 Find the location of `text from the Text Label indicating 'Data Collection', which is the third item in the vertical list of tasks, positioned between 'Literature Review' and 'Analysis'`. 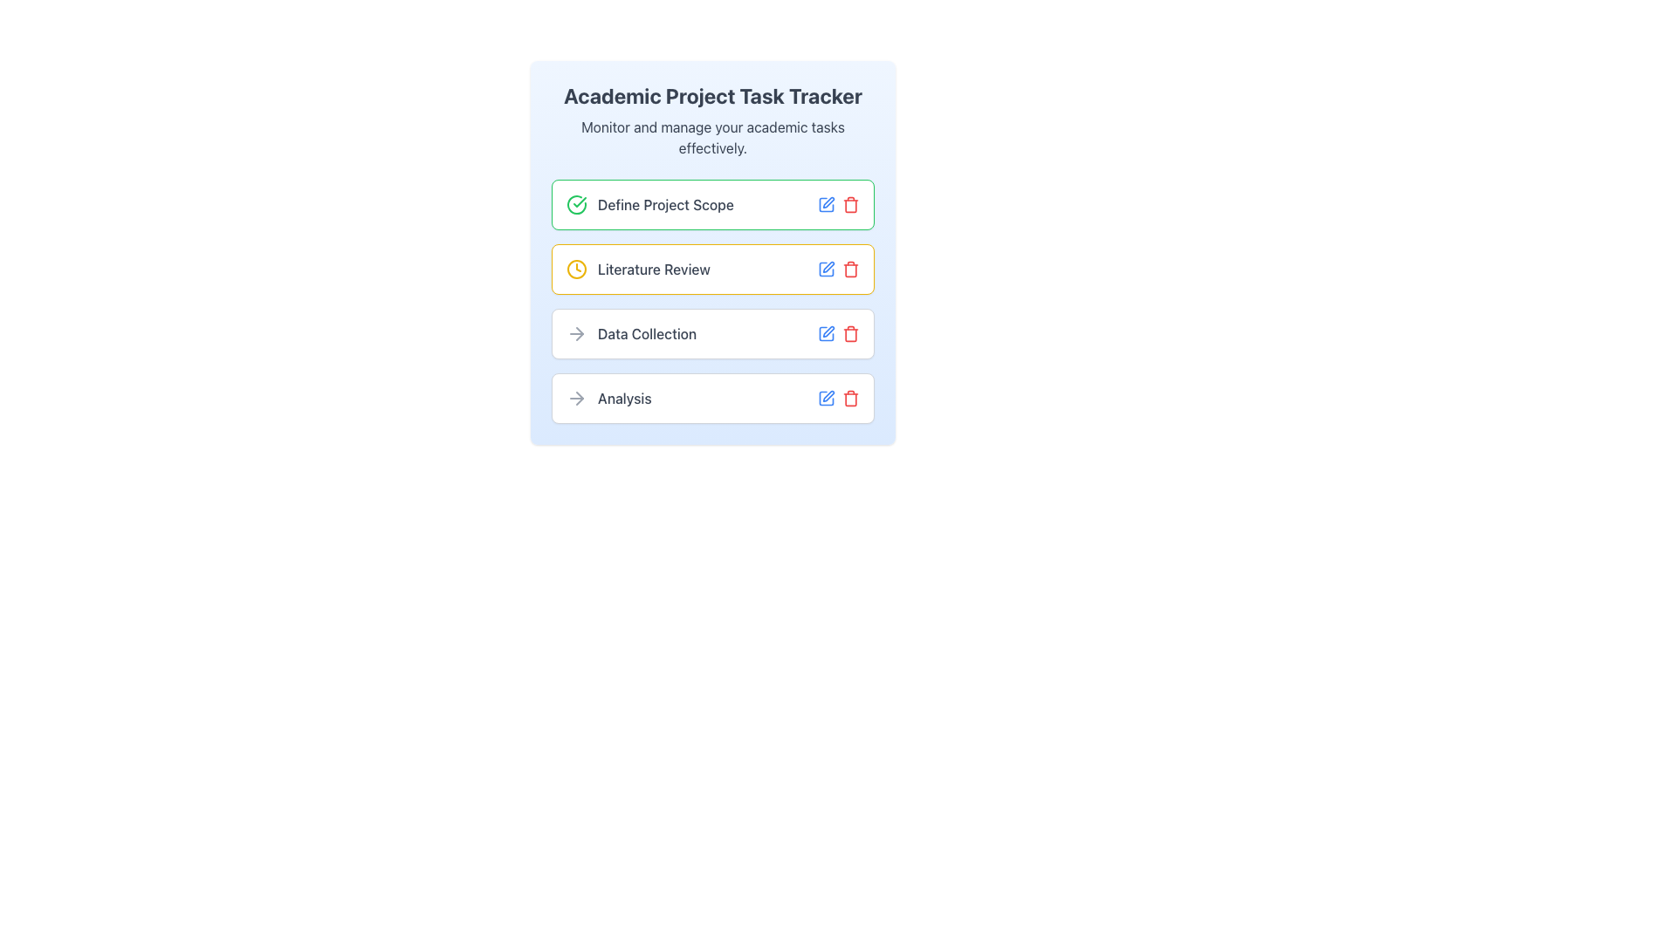

text from the Text Label indicating 'Data Collection', which is the third item in the vertical list of tasks, positioned between 'Literature Review' and 'Analysis' is located at coordinates (646, 333).